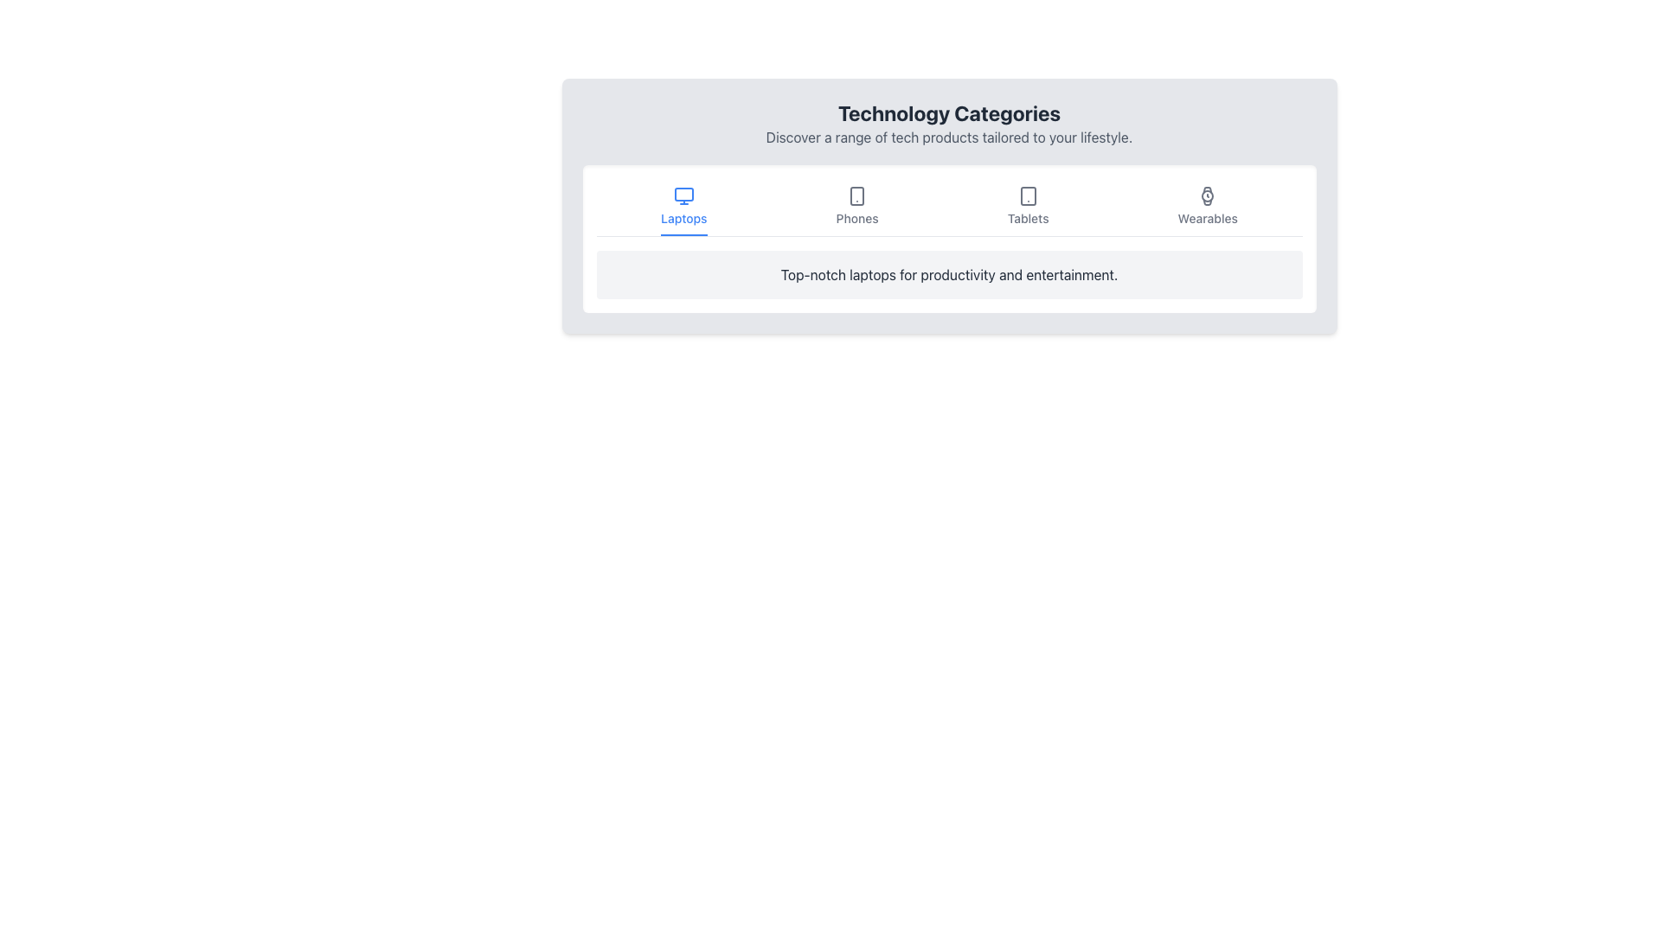 This screenshot has width=1661, height=934. Describe the element at coordinates (948, 113) in the screenshot. I see `the header element that serves as the title for the section, positioned above the supplementary text 'Discover a range of tech products tailored to your lifestyle.'` at that location.